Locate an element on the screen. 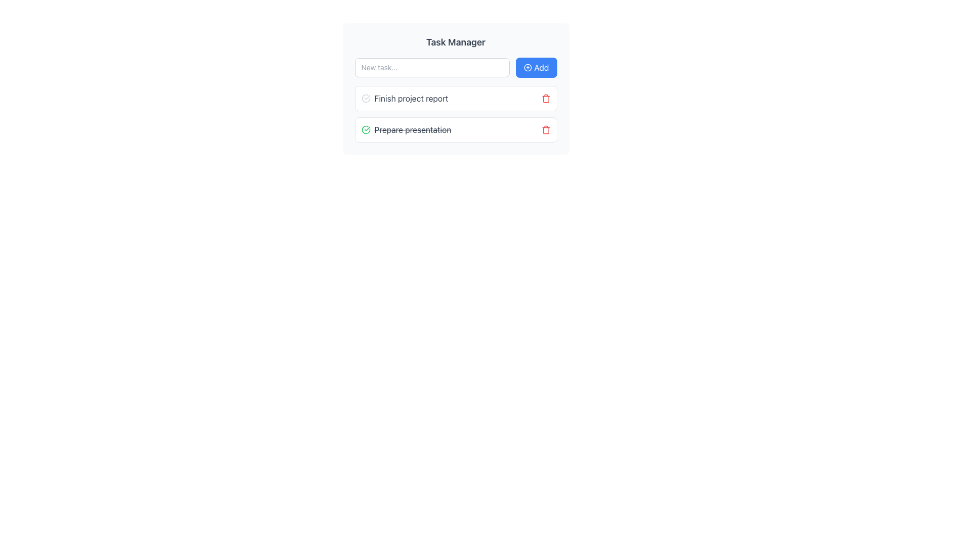 This screenshot has width=971, height=546. the text label of the second task in the list to trigger a tooltip, if applicable is located at coordinates (411, 99).